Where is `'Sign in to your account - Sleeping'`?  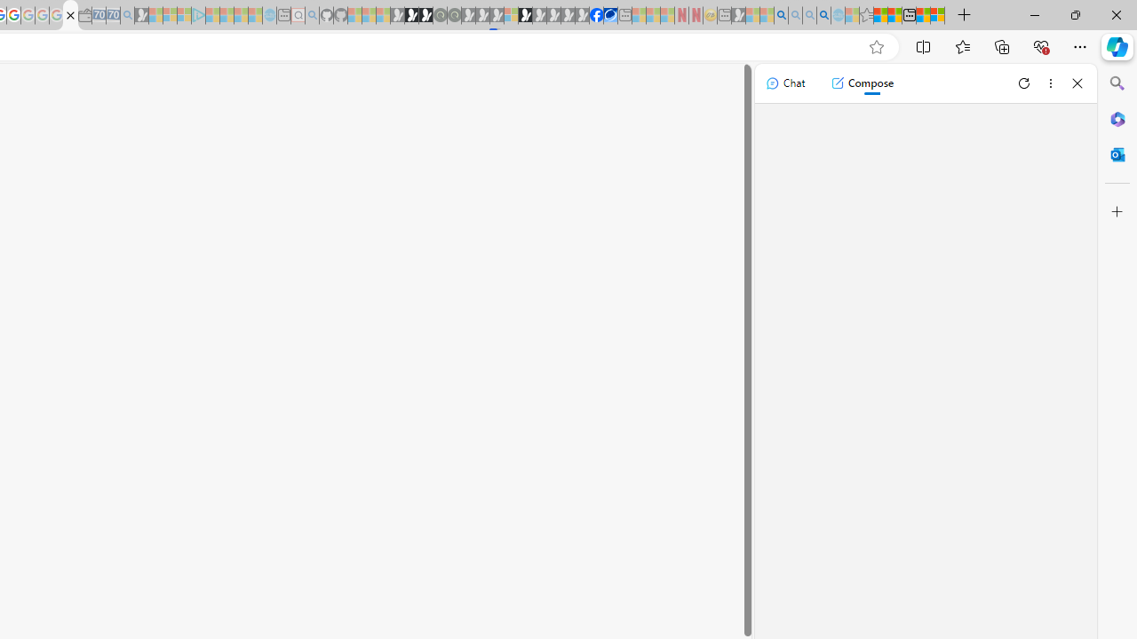
'Sign in to your account - Sleeping' is located at coordinates (510, 15).